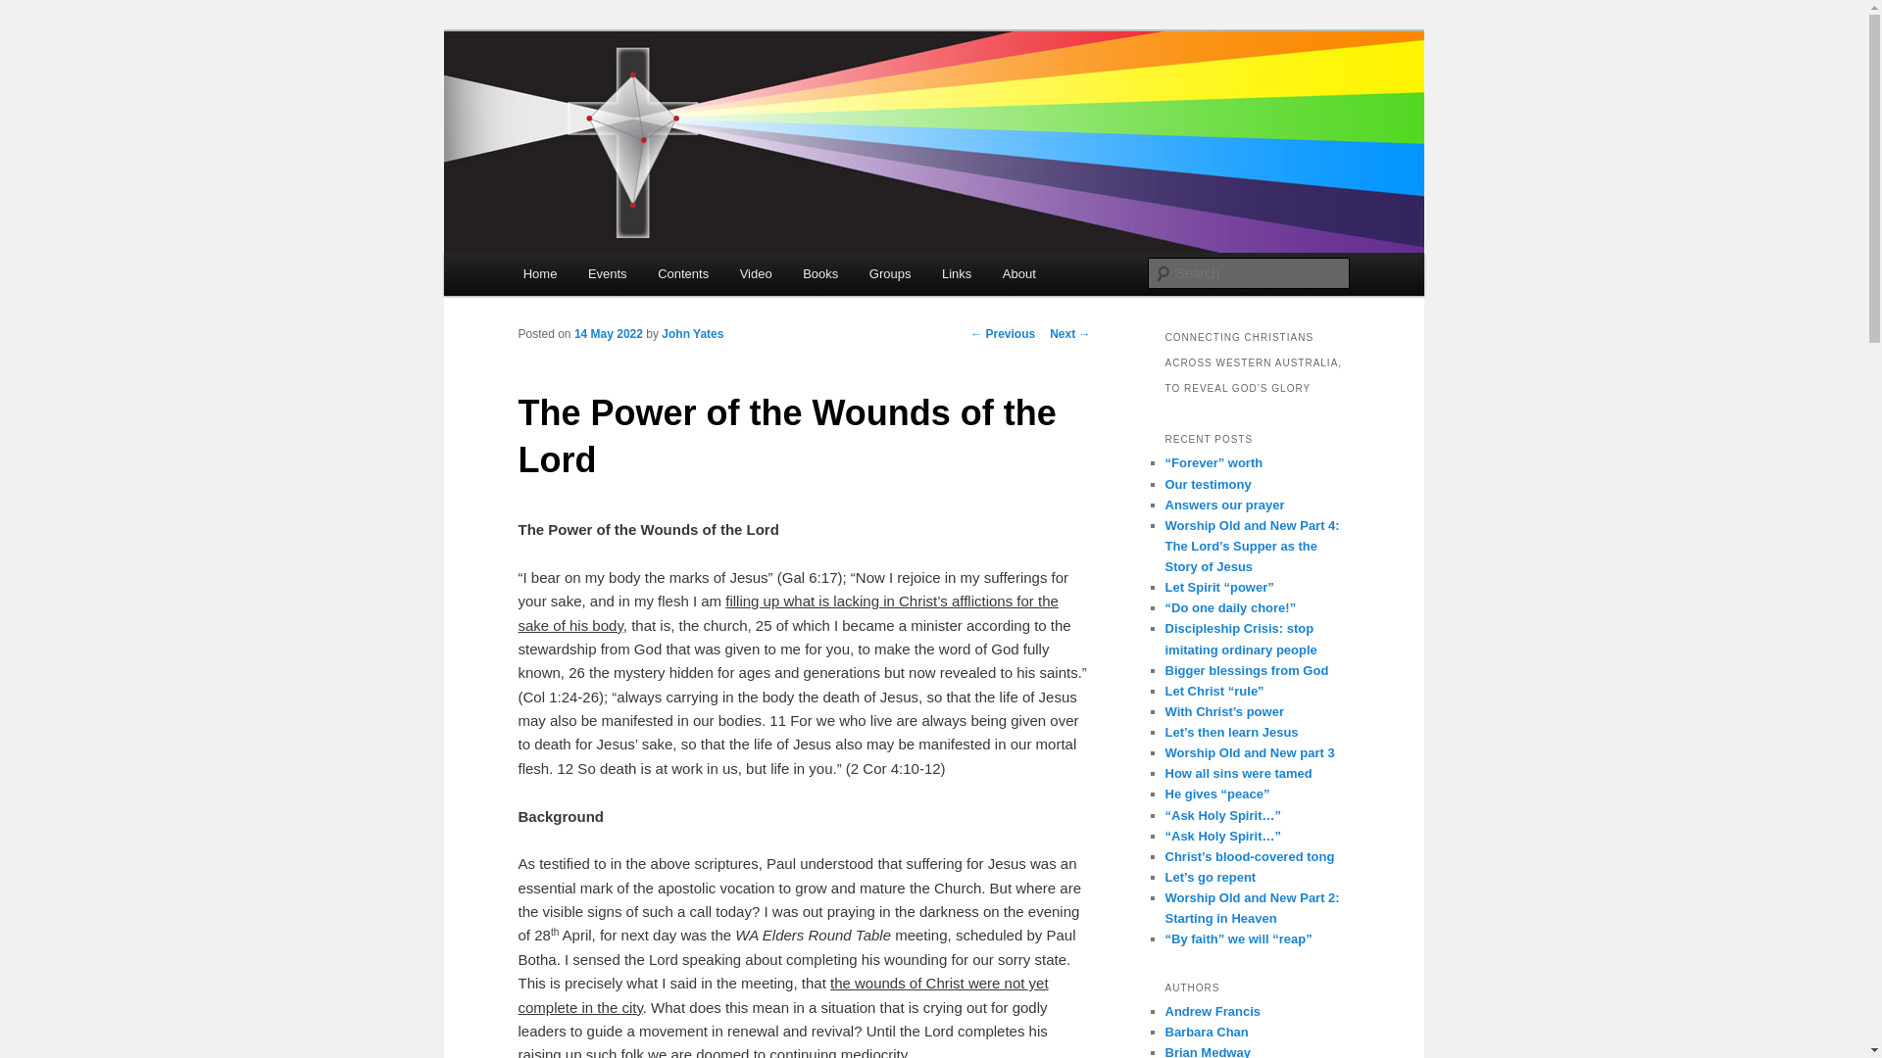  What do you see at coordinates (1248, 751) in the screenshot?
I see `'Worship Old and New part 3'` at bounding box center [1248, 751].